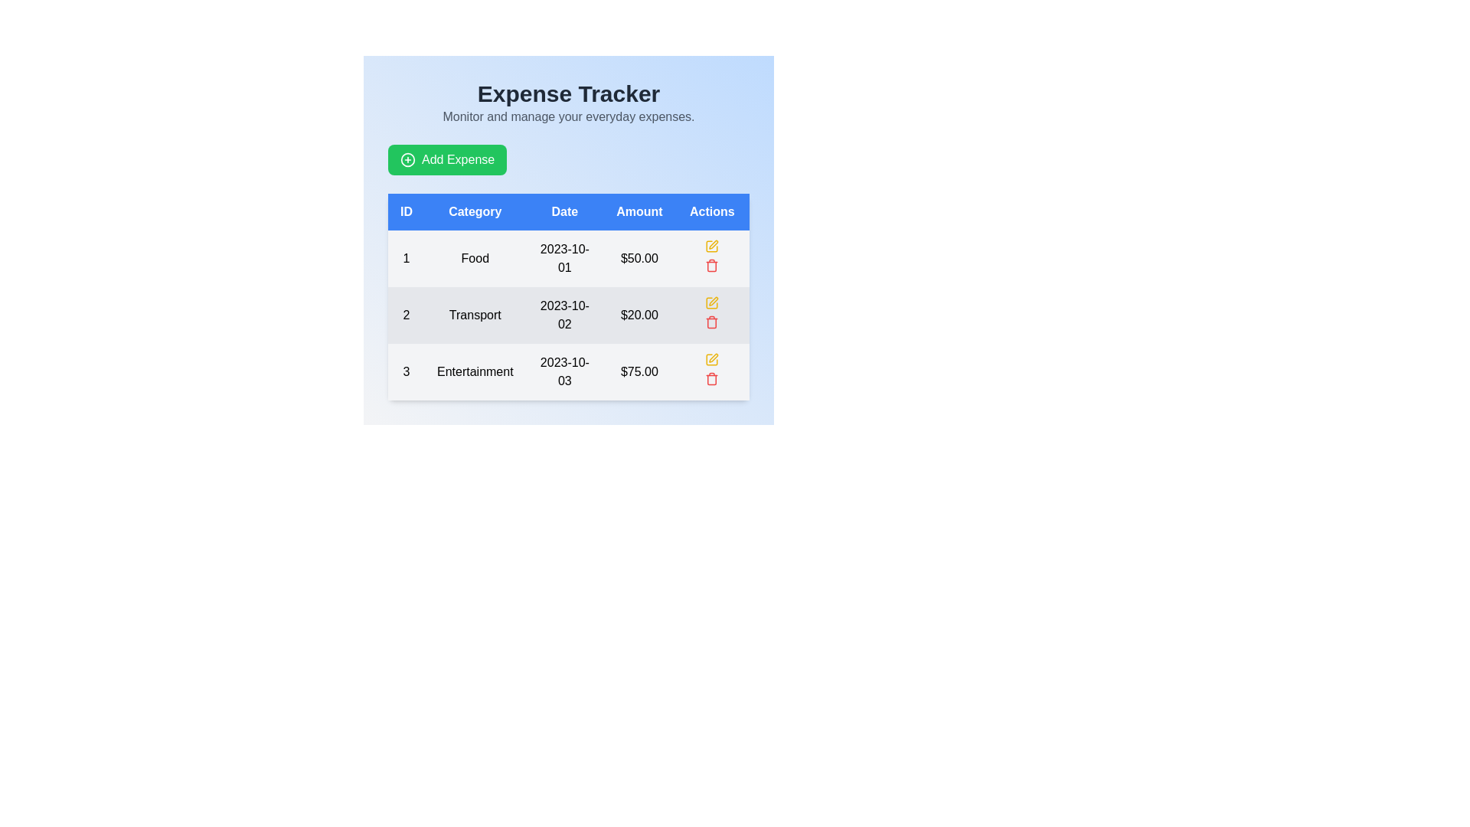 The width and height of the screenshot is (1470, 827). Describe the element at coordinates (474, 315) in the screenshot. I see `the Text Label in the second row of the table under the 'Category' column, positioned between 'ID' column showing '2' and 'Date' column displaying '2023-10-02'` at that location.